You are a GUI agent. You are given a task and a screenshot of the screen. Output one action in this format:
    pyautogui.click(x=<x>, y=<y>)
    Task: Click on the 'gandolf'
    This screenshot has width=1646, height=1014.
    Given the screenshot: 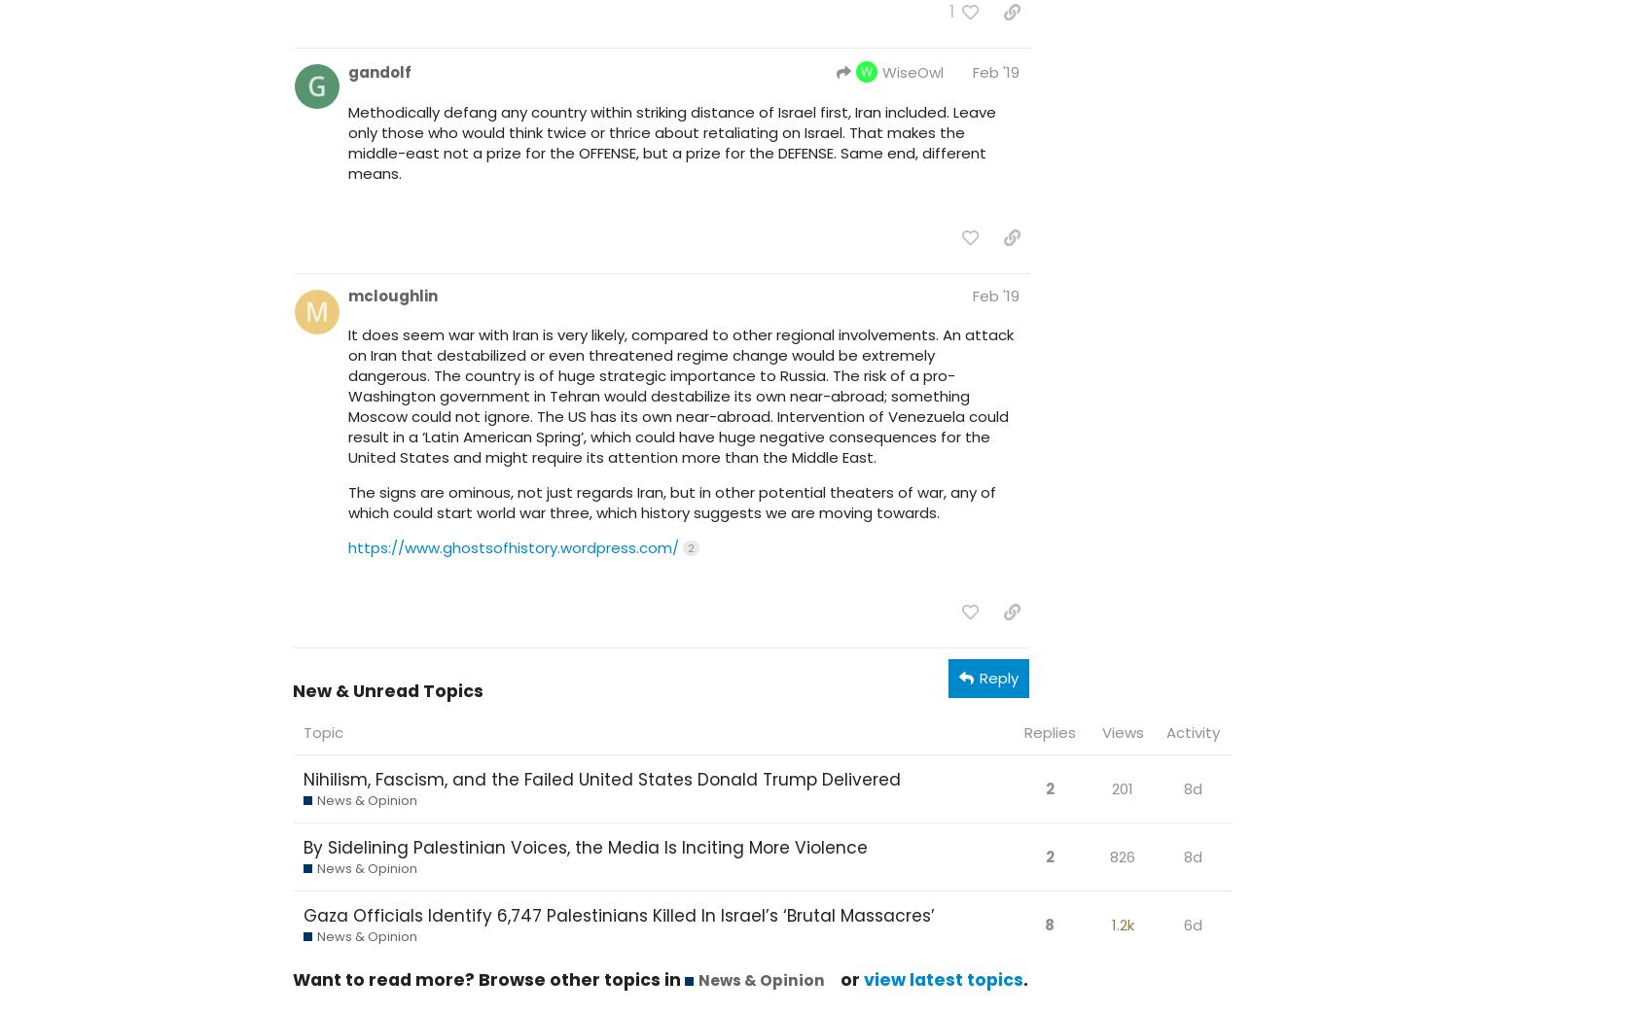 What is the action you would take?
    pyautogui.click(x=379, y=70)
    